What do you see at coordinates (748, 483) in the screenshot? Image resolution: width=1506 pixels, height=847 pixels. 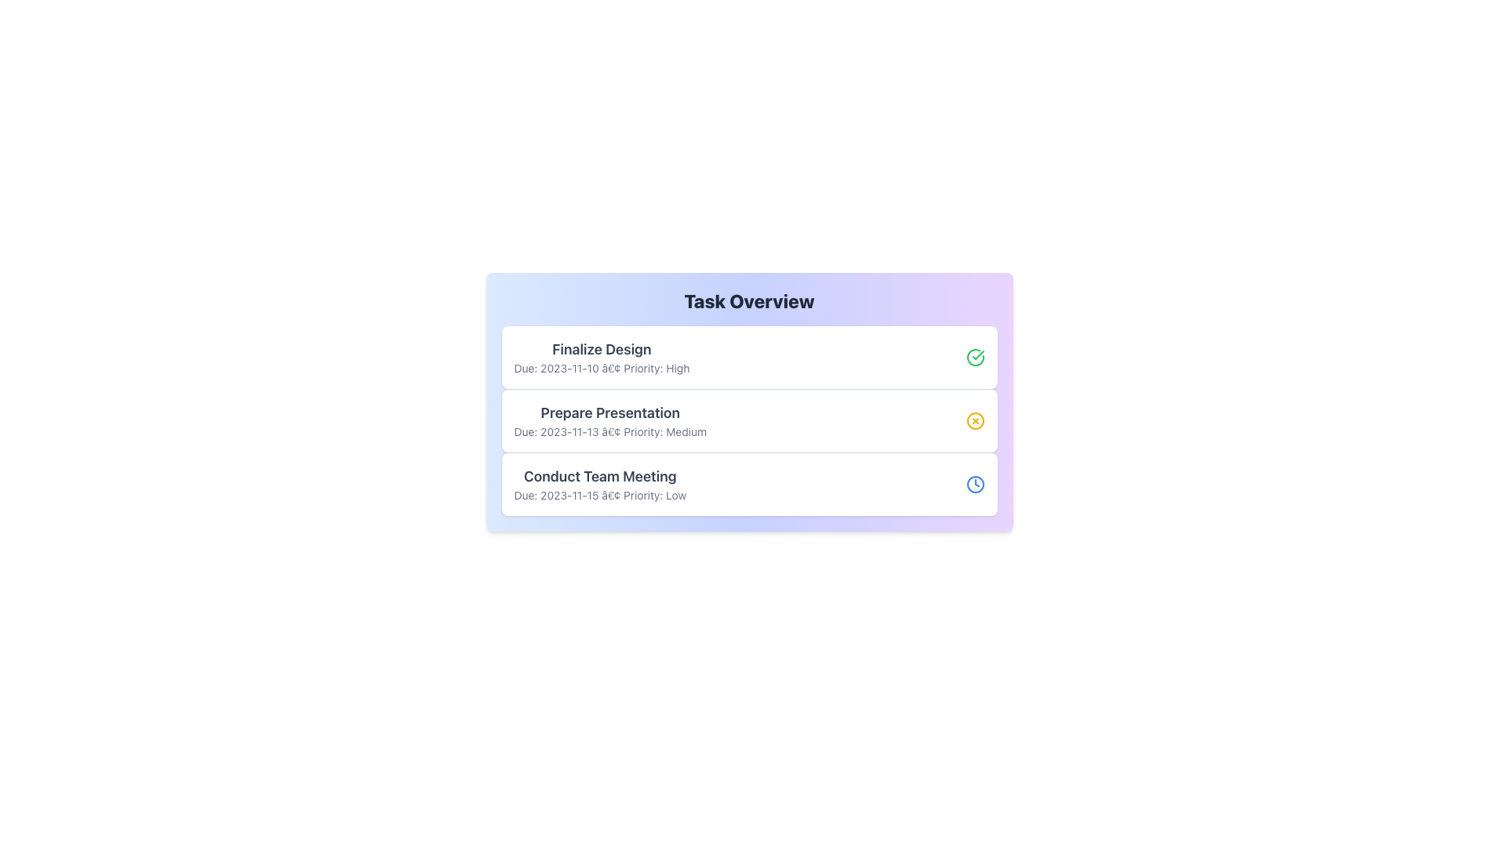 I see `task details displayed in the third item of the 'Task Overview' list, which includes the task title, deadline, and priority level` at bounding box center [748, 483].